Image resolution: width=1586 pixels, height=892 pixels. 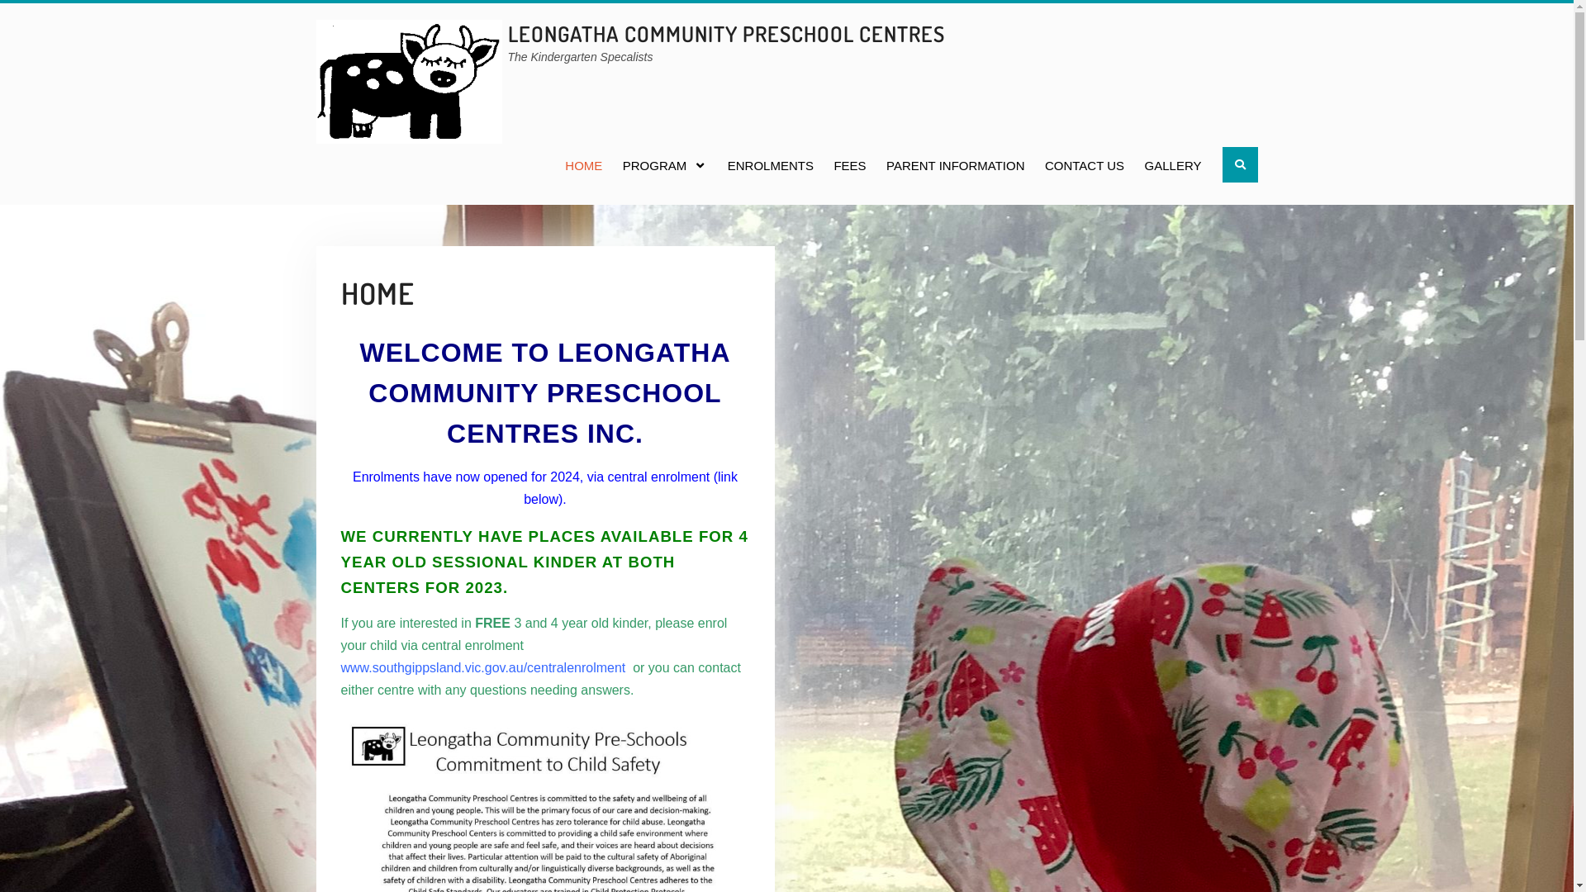 What do you see at coordinates (1085, 165) in the screenshot?
I see `'CONTACT US'` at bounding box center [1085, 165].